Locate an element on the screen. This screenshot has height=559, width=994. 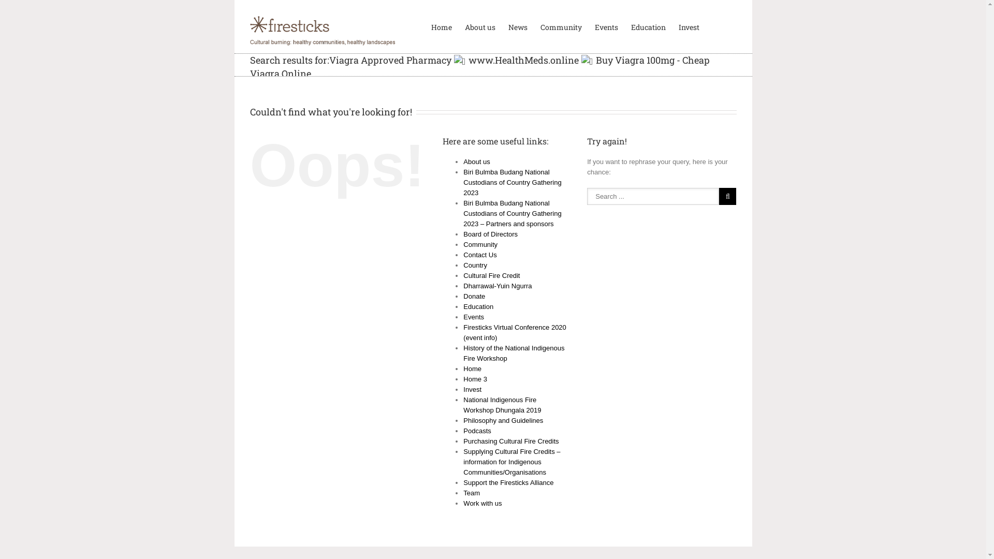
'Education' is located at coordinates (647, 26).